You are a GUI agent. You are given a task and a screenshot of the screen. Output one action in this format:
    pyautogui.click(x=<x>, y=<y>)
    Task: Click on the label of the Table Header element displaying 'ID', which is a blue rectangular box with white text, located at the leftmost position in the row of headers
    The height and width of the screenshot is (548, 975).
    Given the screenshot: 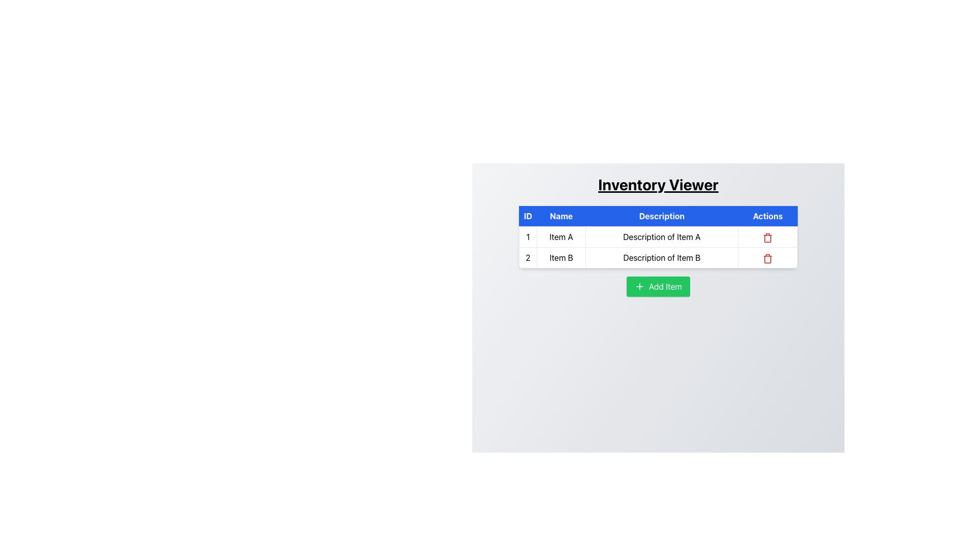 What is the action you would take?
    pyautogui.click(x=528, y=216)
    